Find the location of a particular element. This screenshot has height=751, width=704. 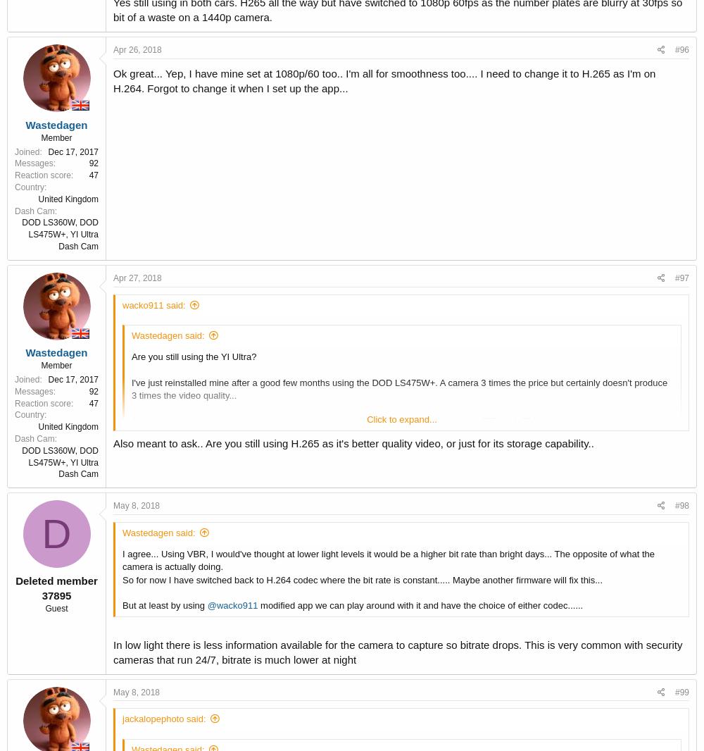

'wacko911 said:' is located at coordinates (122, 304).